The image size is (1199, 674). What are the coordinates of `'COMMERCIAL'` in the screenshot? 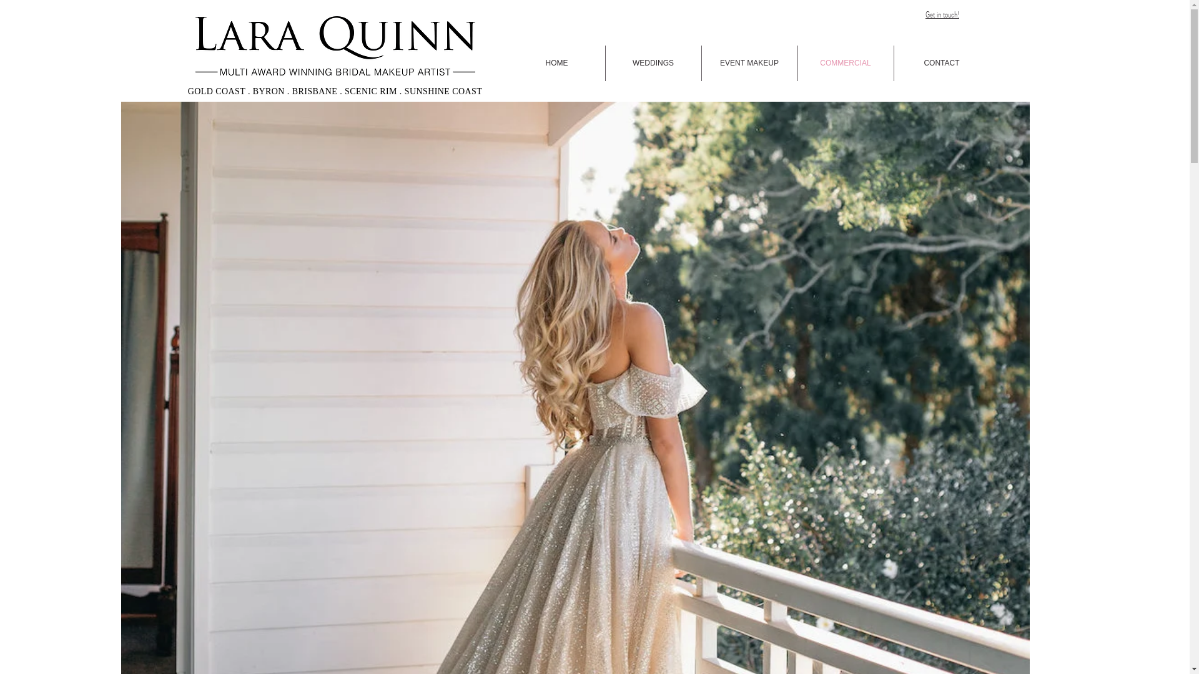 It's located at (846, 63).